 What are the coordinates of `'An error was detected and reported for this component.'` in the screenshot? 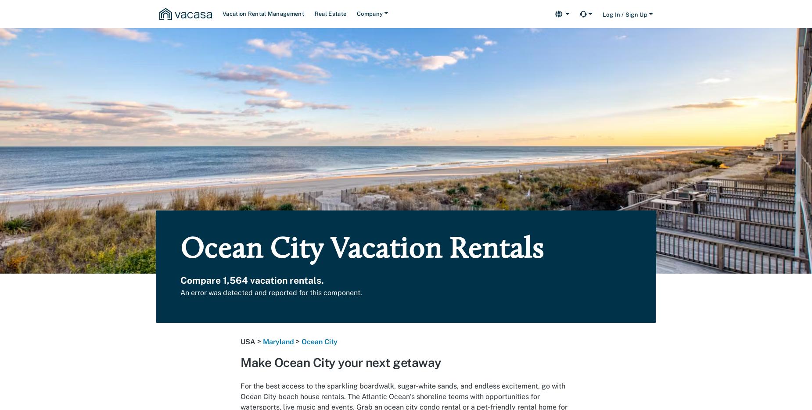 It's located at (271, 292).